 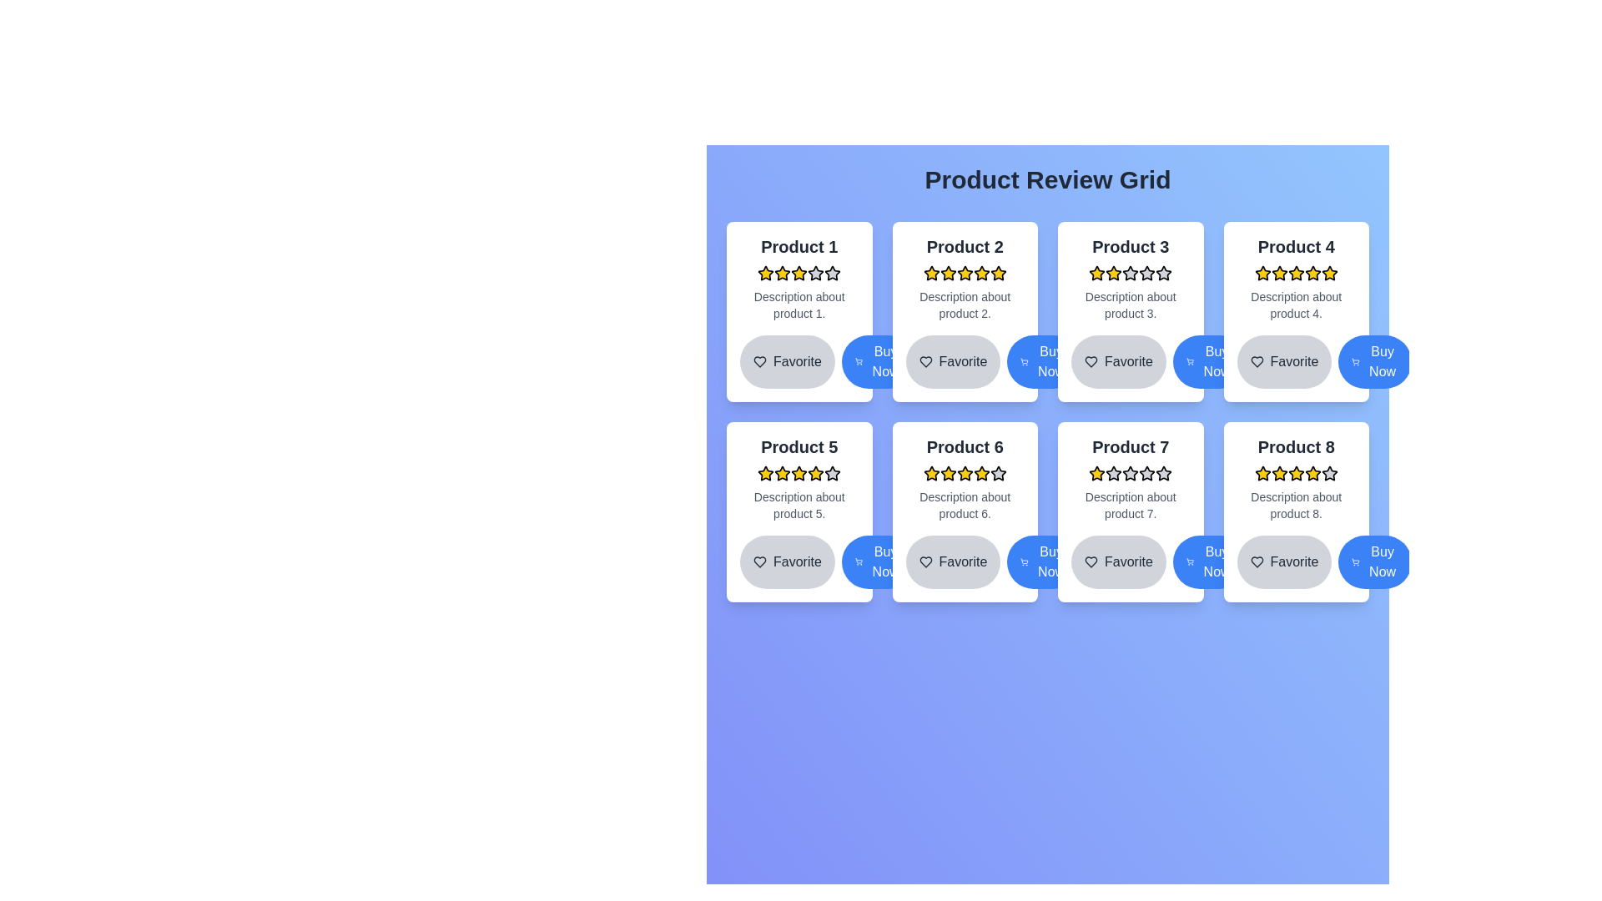 What do you see at coordinates (1283, 361) in the screenshot?
I see `the 'Favorite' button, which is a rounded gray button with a heart icon on its left, to mark the item as favorite` at bounding box center [1283, 361].